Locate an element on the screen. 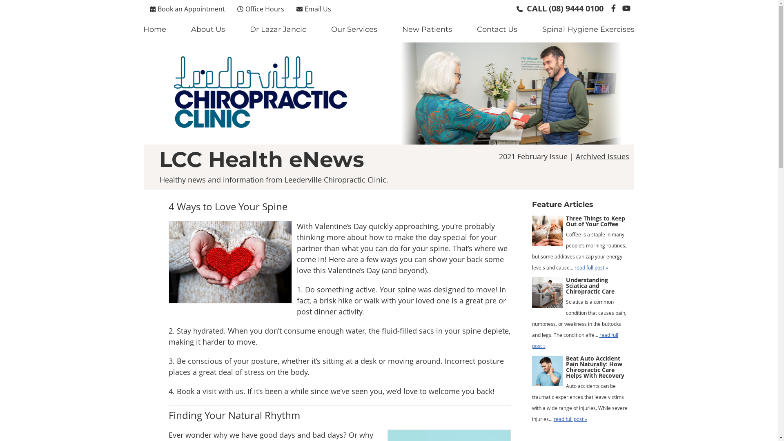  '(08) 9444 0100' is located at coordinates (576, 8).